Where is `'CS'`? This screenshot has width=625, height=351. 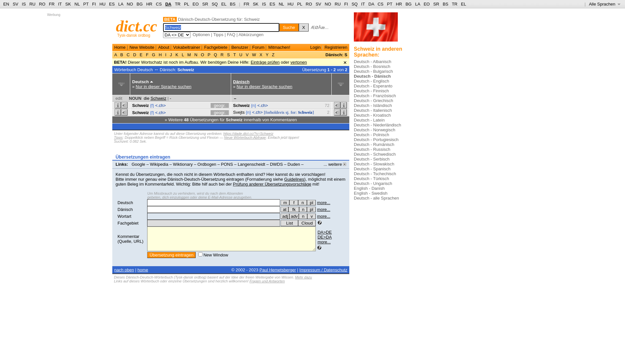
'CS' is located at coordinates (159, 4).